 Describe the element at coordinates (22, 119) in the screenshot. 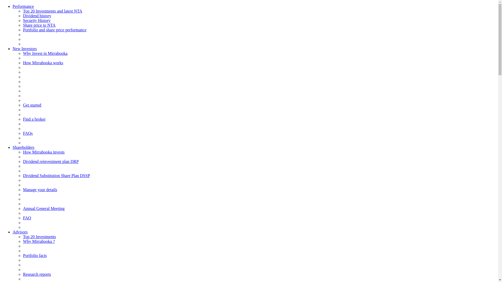

I see `'Find a broker'` at that location.